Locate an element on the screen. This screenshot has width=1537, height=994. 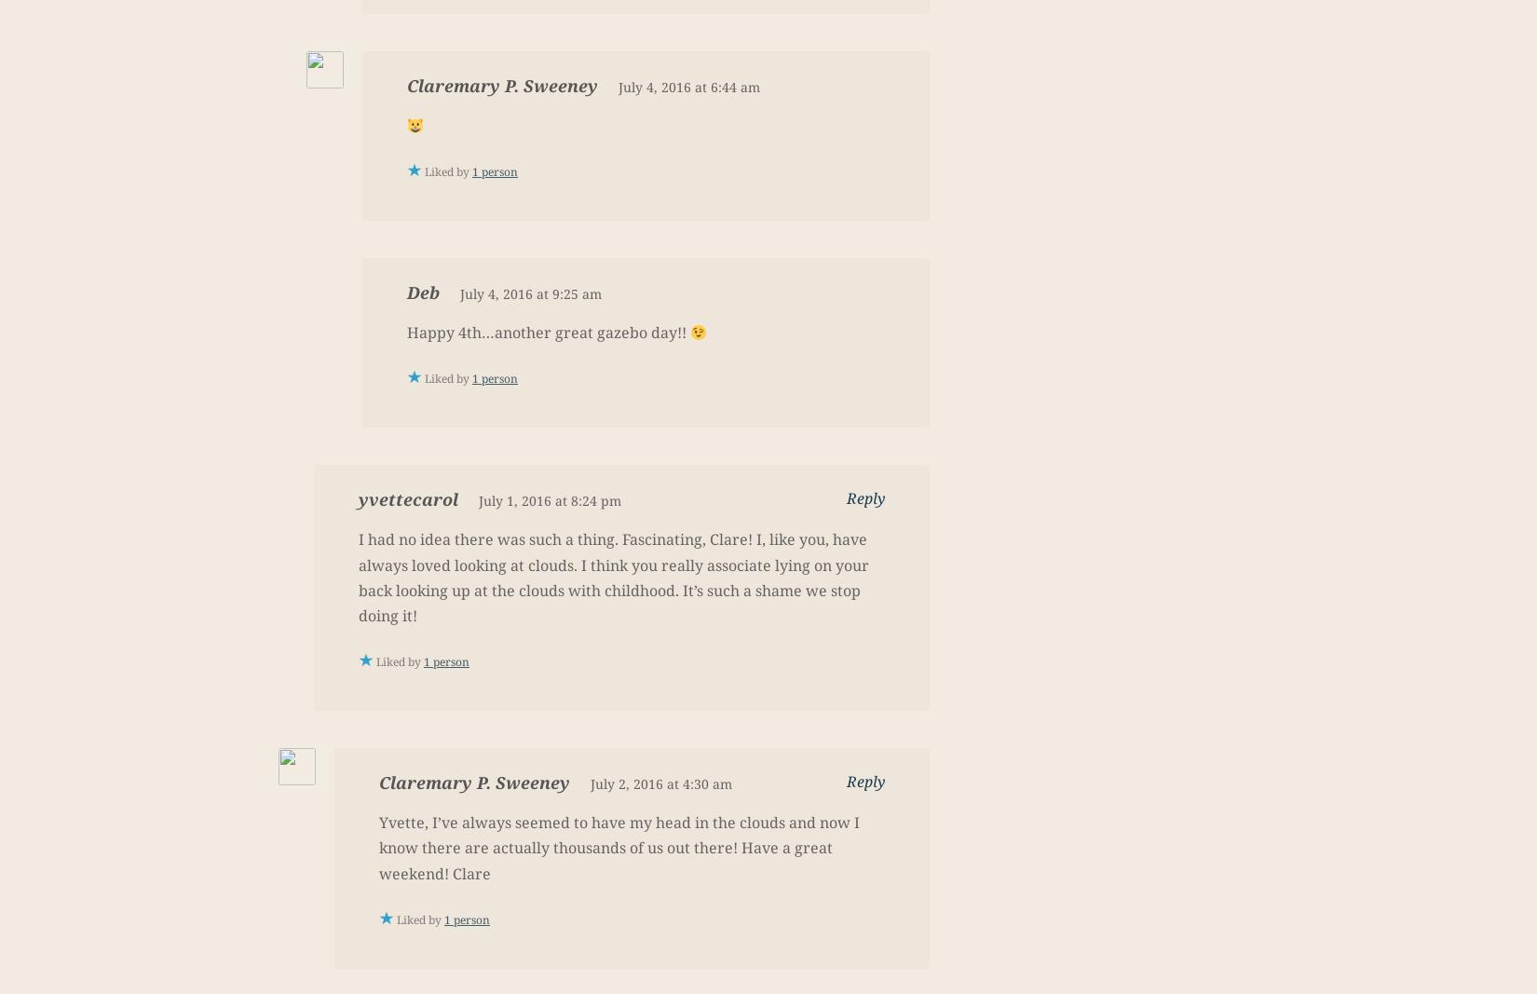
'yvettecarol' is located at coordinates (407, 498).